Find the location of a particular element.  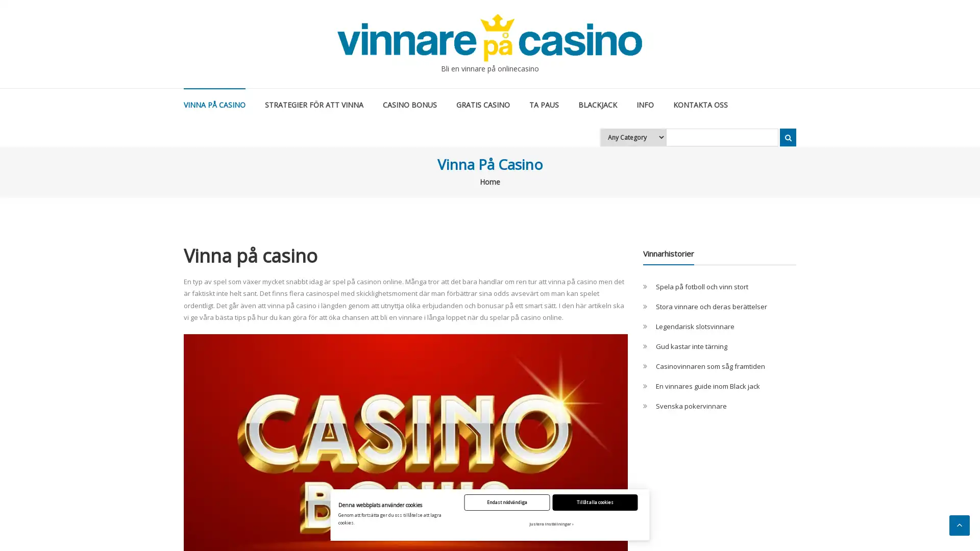

Tillat alla cookies is located at coordinates (595, 502).